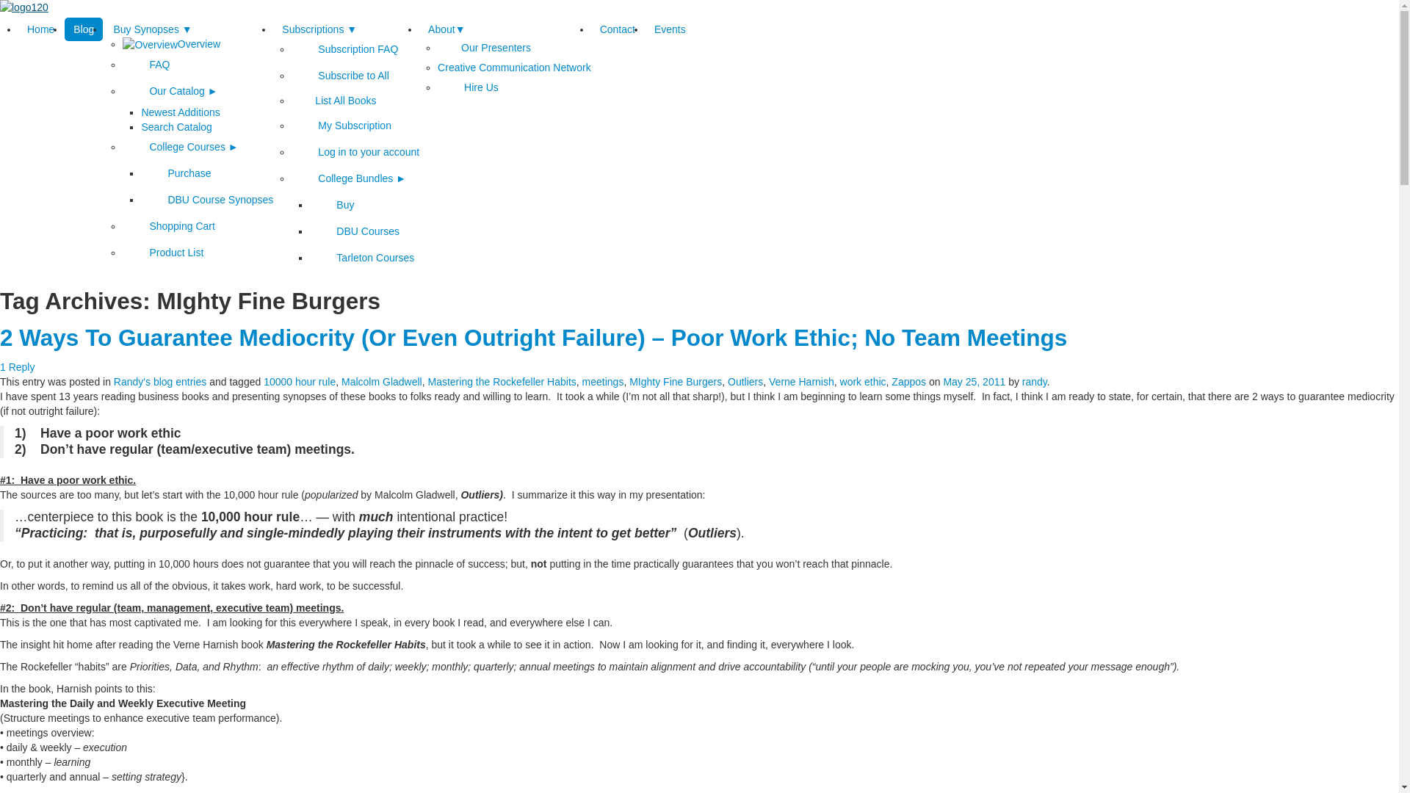 Image resolution: width=1410 pixels, height=793 pixels. What do you see at coordinates (467, 87) in the screenshot?
I see `'Hire Us'` at bounding box center [467, 87].